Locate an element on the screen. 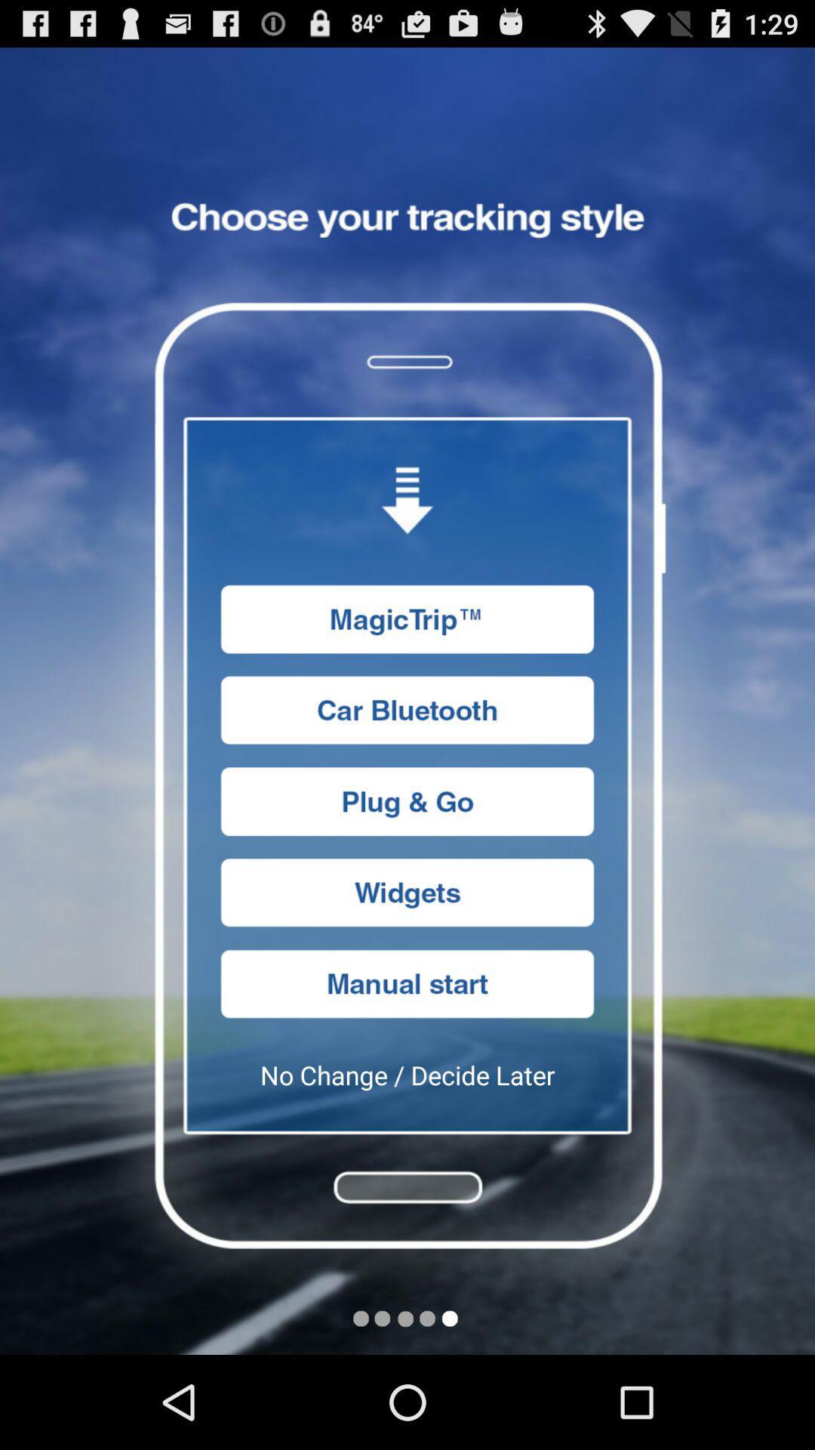 The width and height of the screenshot is (815, 1450). magictrip is located at coordinates (407, 619).